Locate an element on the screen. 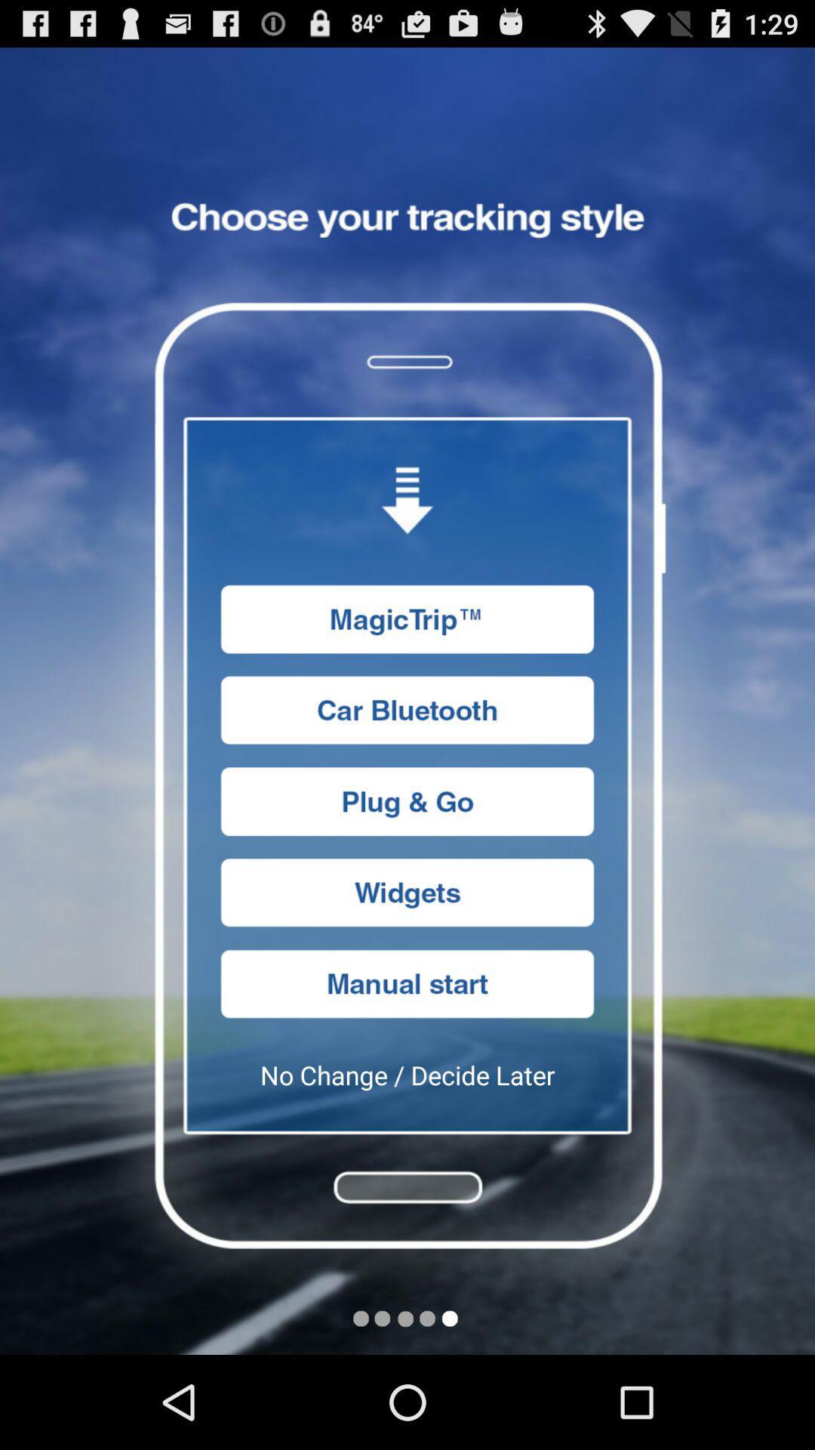 The width and height of the screenshot is (815, 1450). magictrip is located at coordinates (407, 619).